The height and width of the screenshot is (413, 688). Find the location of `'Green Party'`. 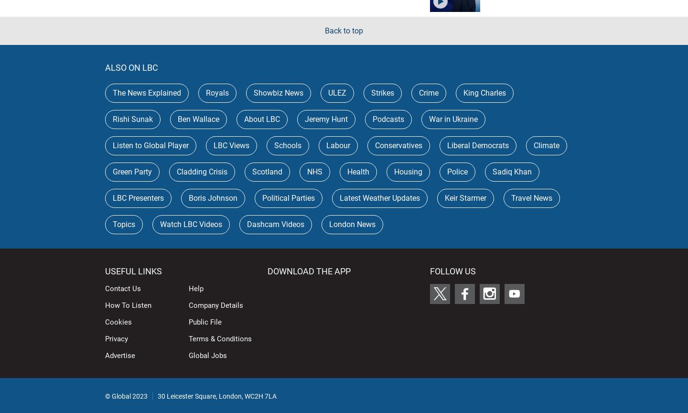

'Green Party' is located at coordinates (113, 171).